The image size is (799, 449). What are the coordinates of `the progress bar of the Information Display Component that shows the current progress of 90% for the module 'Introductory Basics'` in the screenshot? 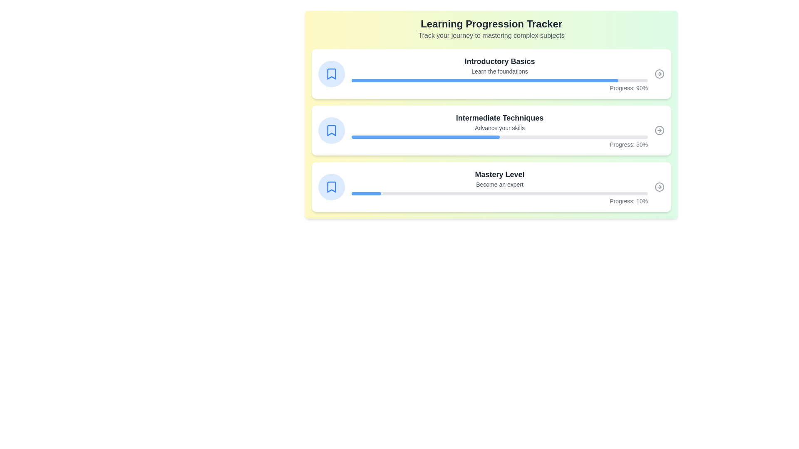 It's located at (499, 73).